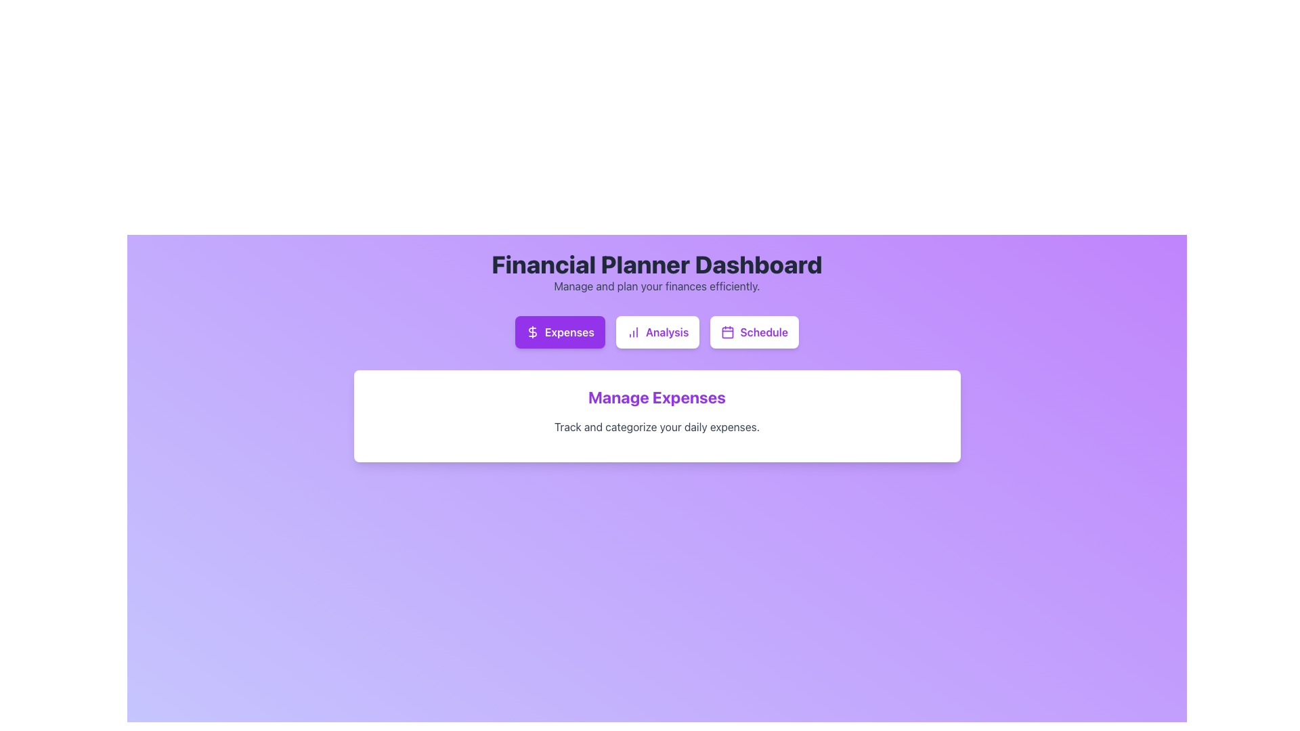 This screenshot has width=1300, height=731. I want to click on the icon representing analysis or statistics, which is positioned to the left of the 'Analysis' text within the middle button of three buttons labeled 'Expenses', 'Analysis', and 'Schedule', so click(632, 332).